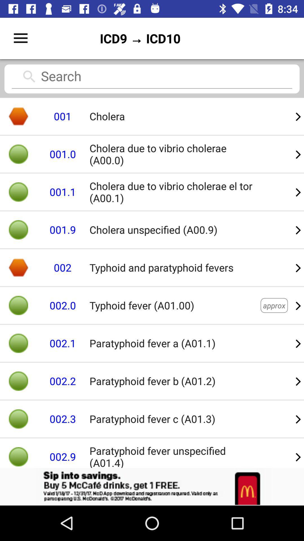  I want to click on the item to the right of typhoid fever a01, so click(274, 305).